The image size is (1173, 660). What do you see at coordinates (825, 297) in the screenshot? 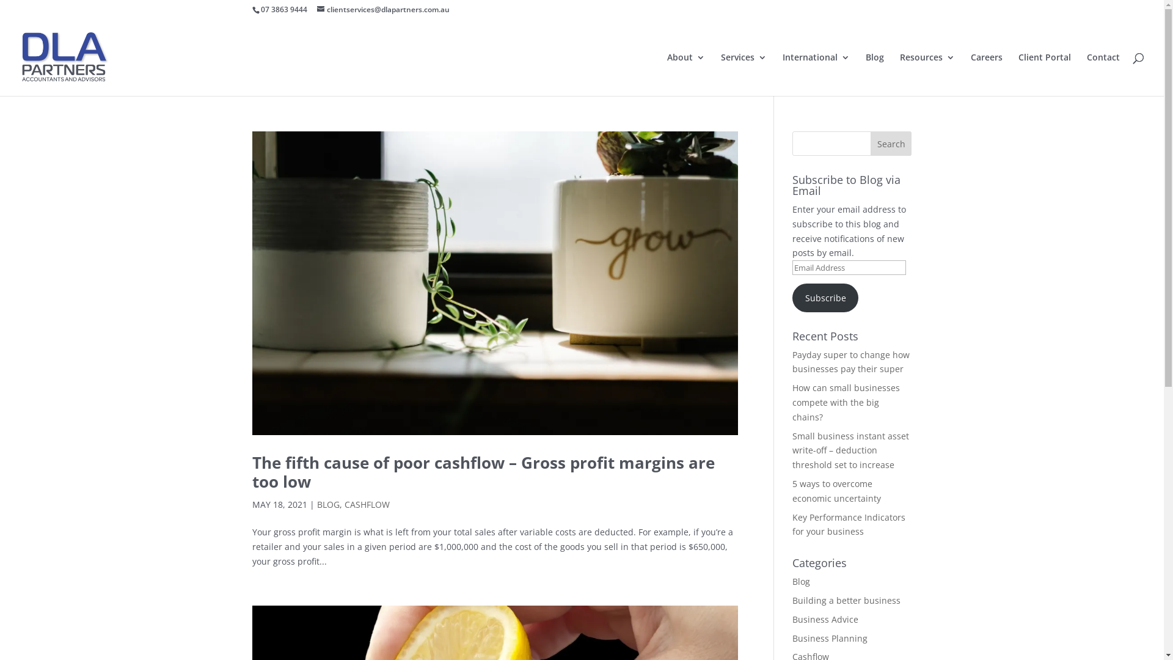
I see `'Subscribe'` at bounding box center [825, 297].